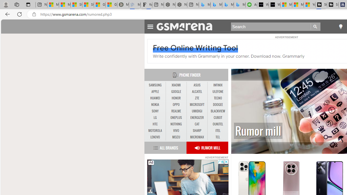 This screenshot has width=347, height=195. What do you see at coordinates (176, 105) in the screenshot?
I see `'OPPO'` at bounding box center [176, 105].